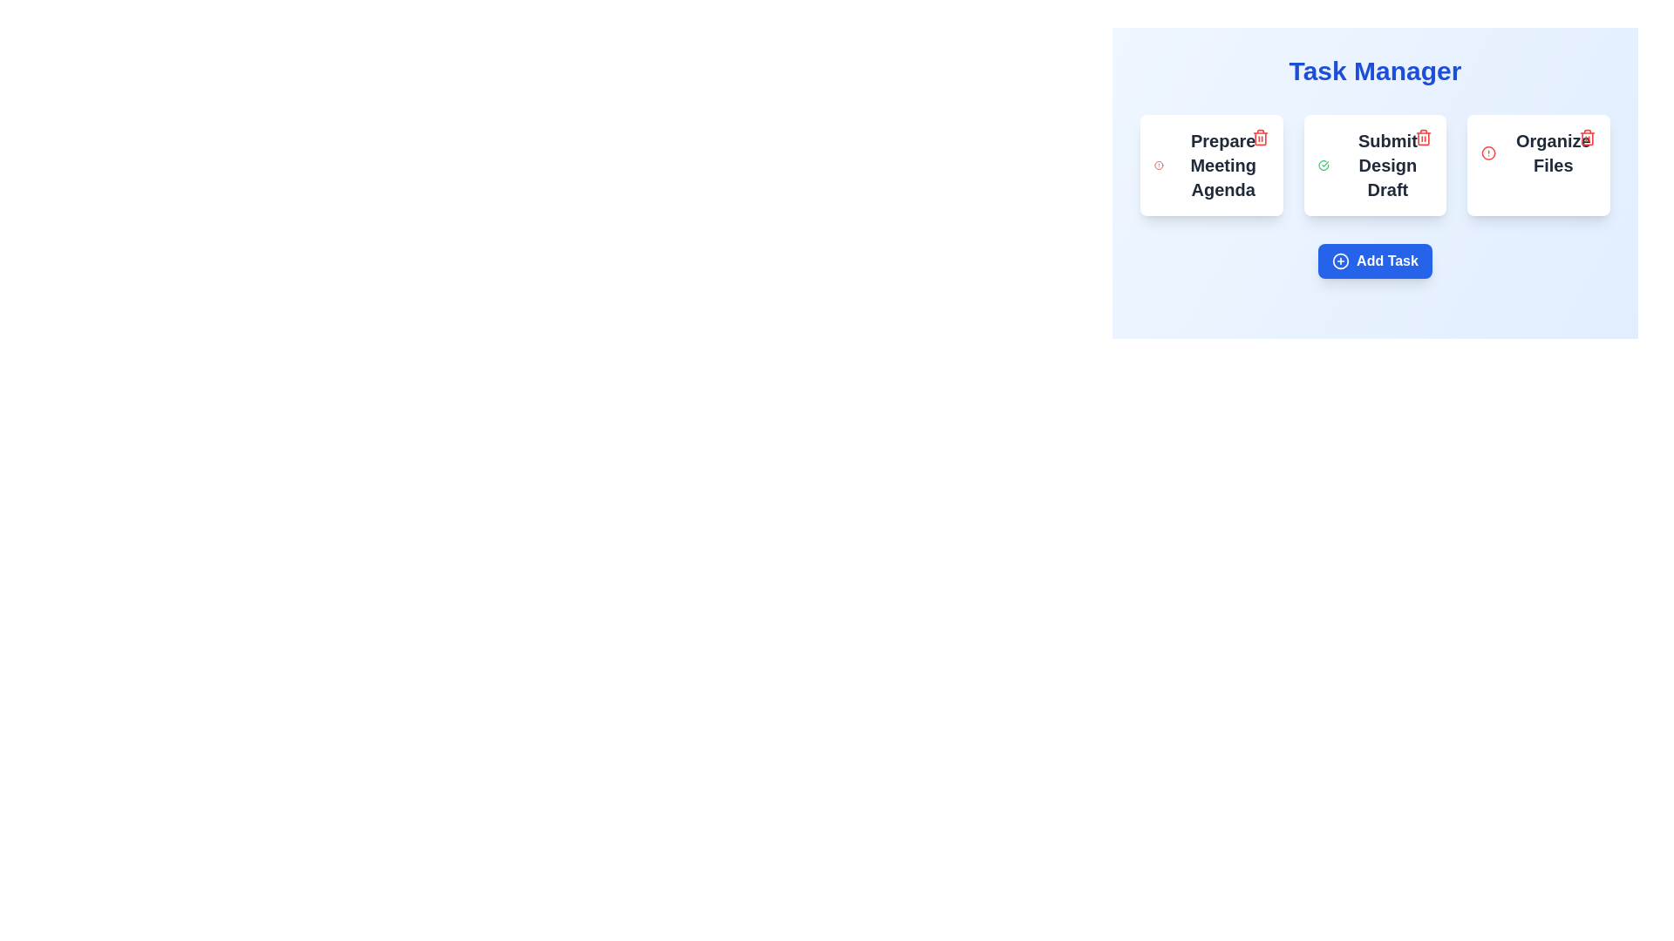 The height and width of the screenshot is (941, 1674). Describe the element at coordinates (1210, 165) in the screenshot. I see `on the 'Prepare Meeting Agenda' text label in the first Task card of the Task Manager` at that location.